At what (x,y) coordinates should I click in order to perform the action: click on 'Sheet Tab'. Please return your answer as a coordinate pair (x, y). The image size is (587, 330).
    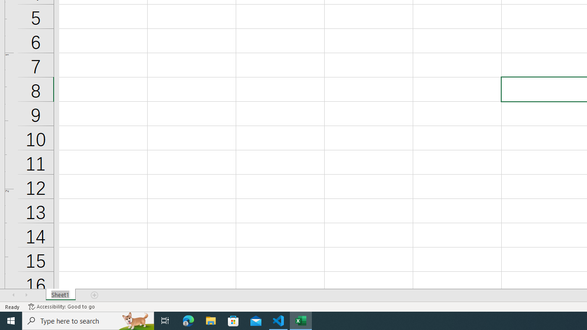
    Looking at the image, I should click on (60, 295).